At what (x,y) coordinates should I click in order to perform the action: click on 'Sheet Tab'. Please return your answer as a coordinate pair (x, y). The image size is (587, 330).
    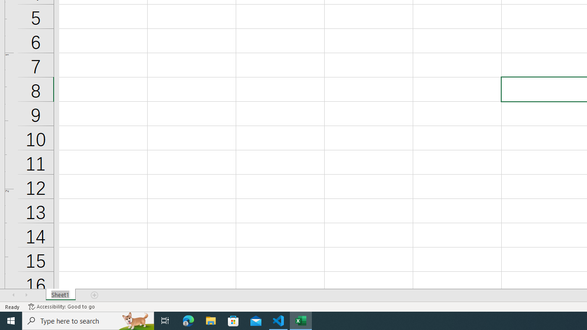
    Looking at the image, I should click on (60, 295).